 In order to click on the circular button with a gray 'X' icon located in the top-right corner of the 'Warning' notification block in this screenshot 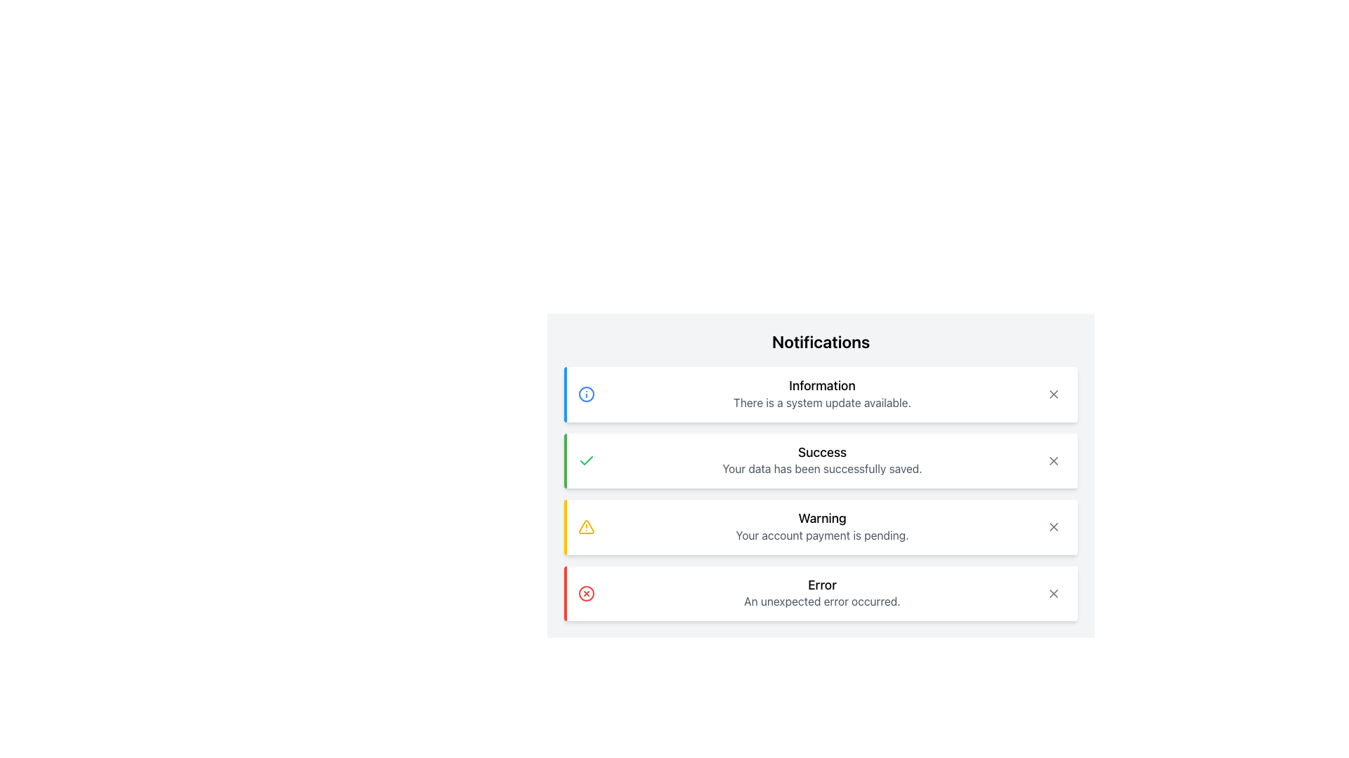, I will do `click(1053, 527)`.